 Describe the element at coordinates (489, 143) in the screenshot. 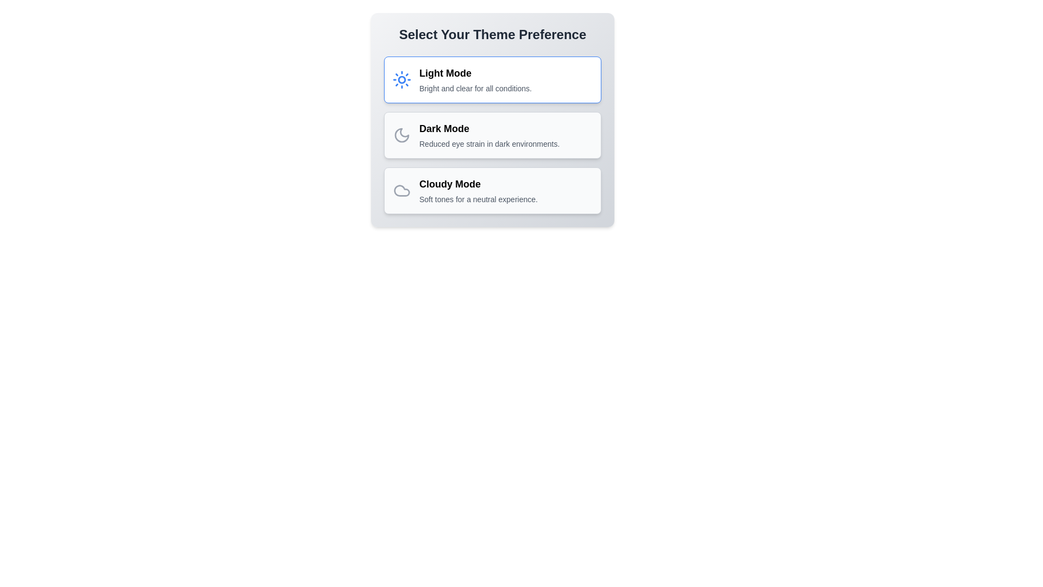

I see `static text label that provides additional descriptive information about the 'Dark Mode' option, located below its title in the second option of a vertically stacked list` at that location.